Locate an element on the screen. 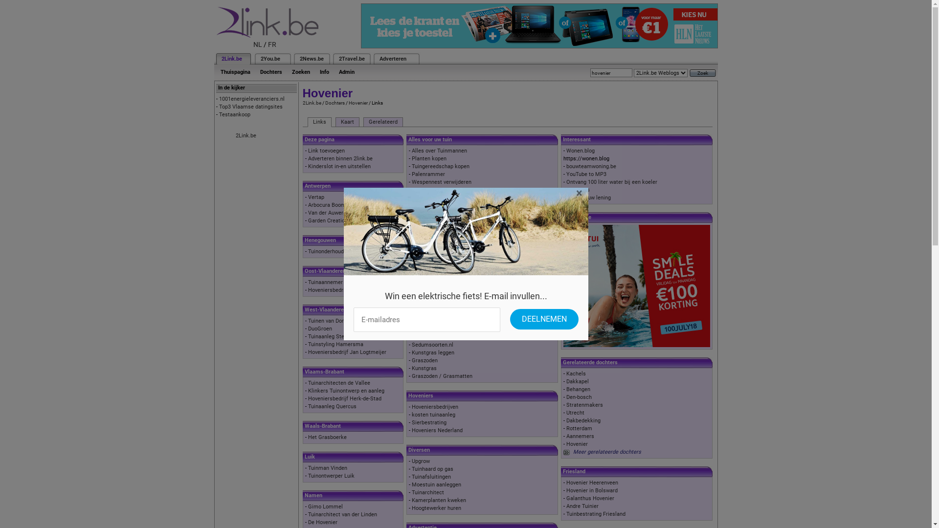  'Graszoden / Grasmatten' is located at coordinates (411, 375).